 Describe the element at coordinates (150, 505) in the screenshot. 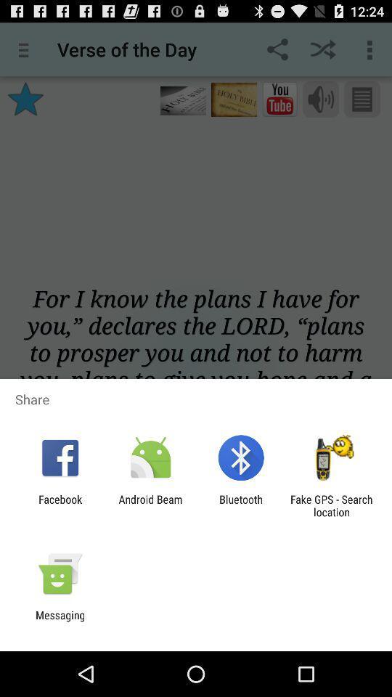

I see `the android beam app` at that location.